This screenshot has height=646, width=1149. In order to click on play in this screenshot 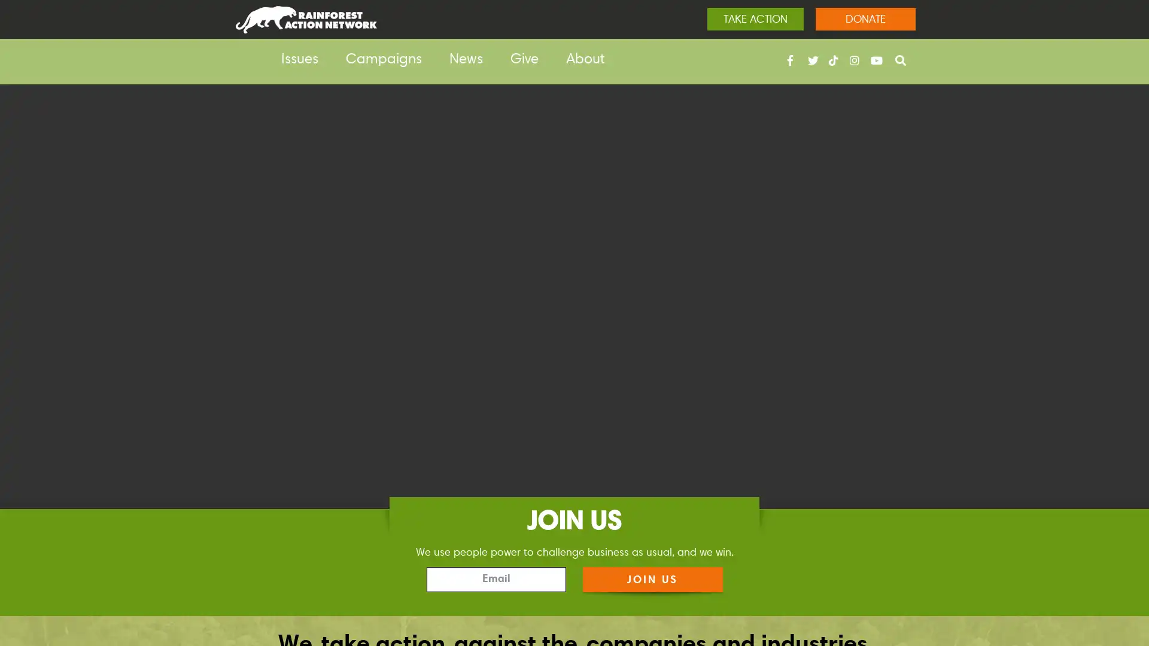, I will do `click(29, 583)`.